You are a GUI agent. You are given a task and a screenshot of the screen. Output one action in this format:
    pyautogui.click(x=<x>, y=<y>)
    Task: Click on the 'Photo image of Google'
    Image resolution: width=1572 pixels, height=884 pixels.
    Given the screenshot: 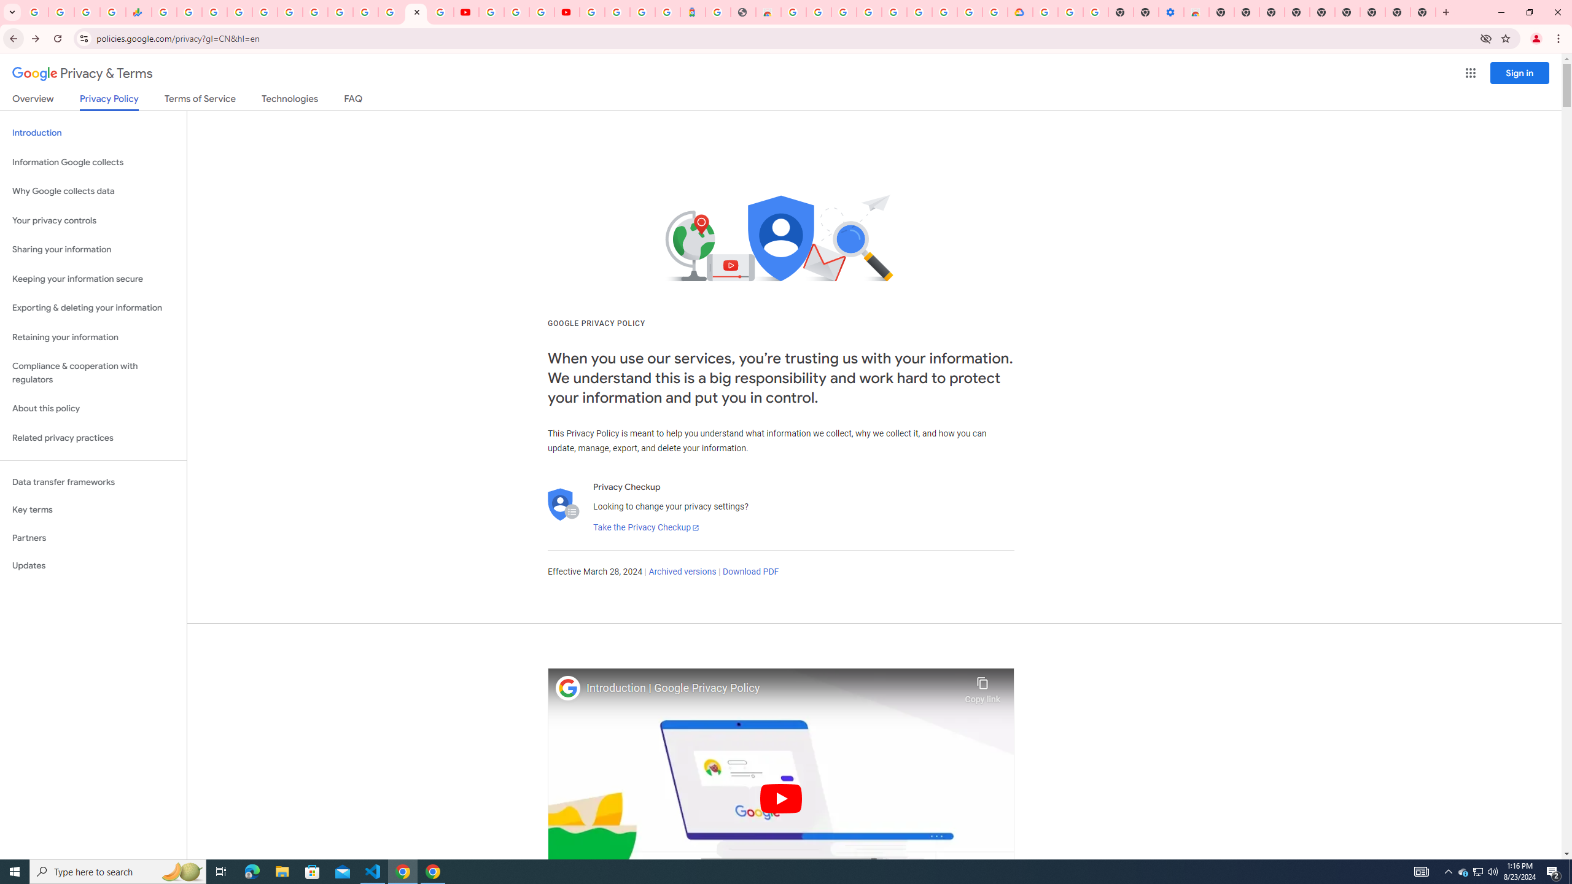 What is the action you would take?
    pyautogui.click(x=568, y=687)
    